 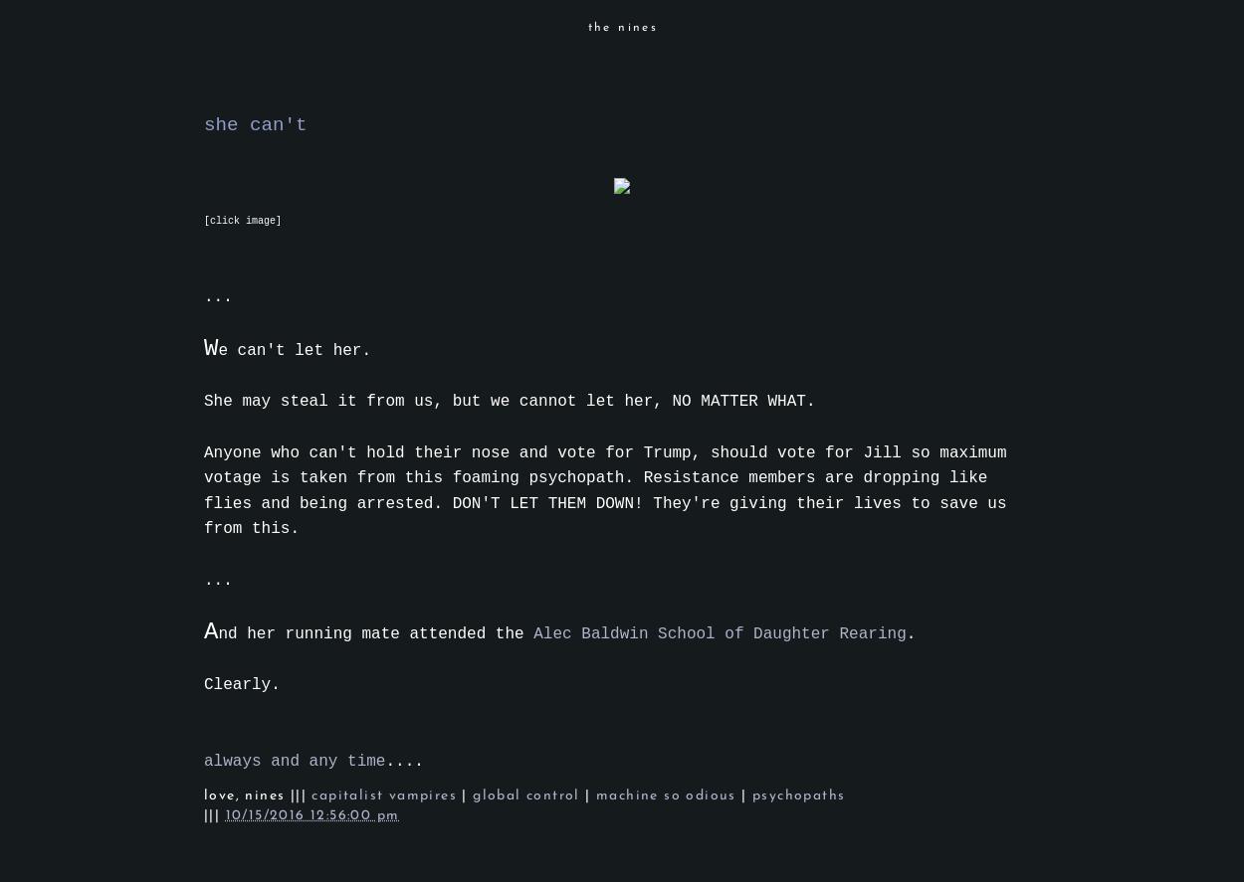 What do you see at coordinates (798, 795) in the screenshot?
I see `'psychopaths'` at bounding box center [798, 795].